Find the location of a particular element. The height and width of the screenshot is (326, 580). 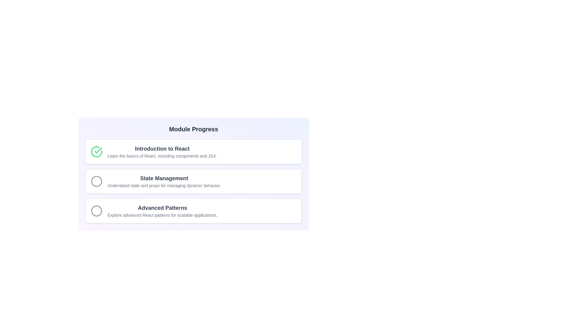

the 'Advanced Patterns' text label, which is a bold, darker gray title located in the module progress section, positioned below 'State Management' is located at coordinates (163, 208).